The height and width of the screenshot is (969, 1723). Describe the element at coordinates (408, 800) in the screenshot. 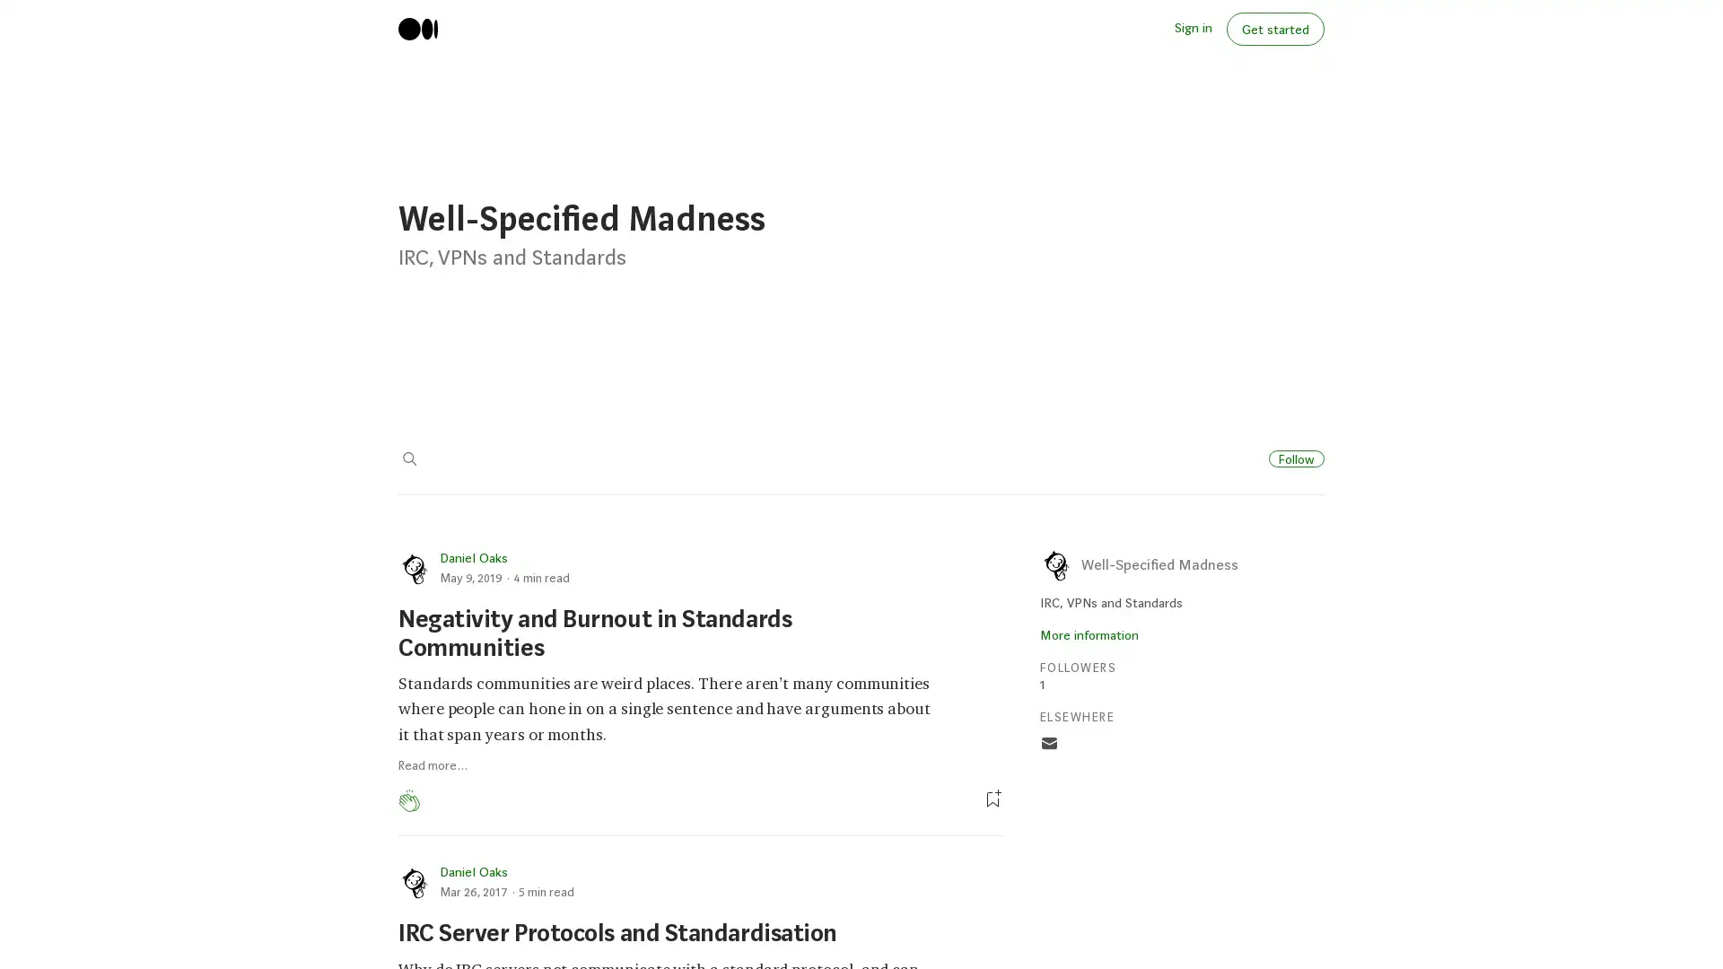

I see `Clap` at that location.